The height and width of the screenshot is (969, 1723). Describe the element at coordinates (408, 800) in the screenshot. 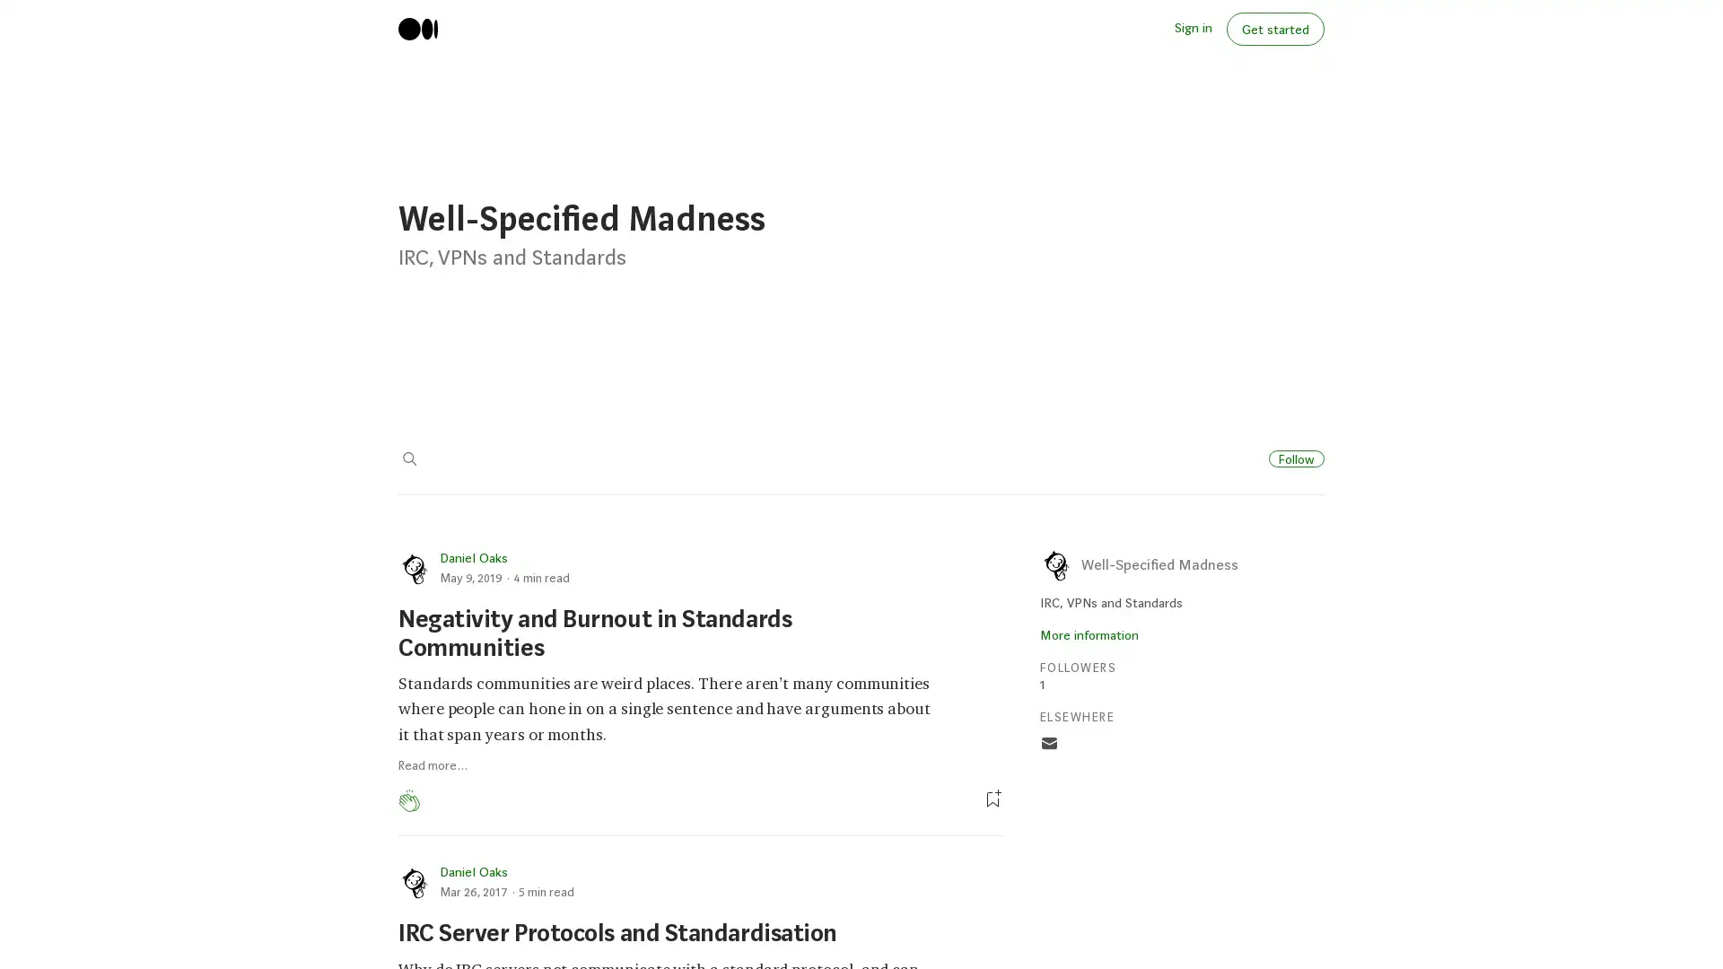

I see `Clap` at that location.